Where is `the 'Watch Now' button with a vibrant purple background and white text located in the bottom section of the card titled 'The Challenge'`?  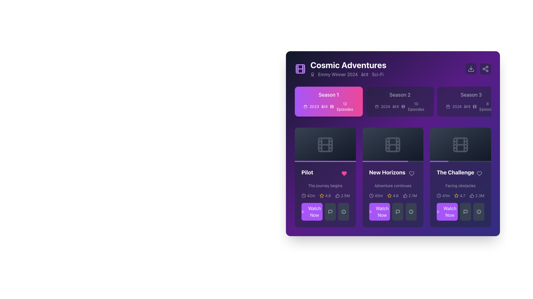
the 'Watch Now' button with a vibrant purple background and white text located in the bottom section of the card titled 'The Challenge' is located at coordinates (447, 212).